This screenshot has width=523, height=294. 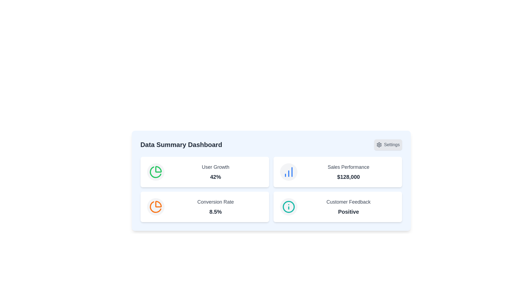 What do you see at coordinates (215, 167) in the screenshot?
I see `the text label at the top of the card that indicates the category or data represented by the card` at bounding box center [215, 167].